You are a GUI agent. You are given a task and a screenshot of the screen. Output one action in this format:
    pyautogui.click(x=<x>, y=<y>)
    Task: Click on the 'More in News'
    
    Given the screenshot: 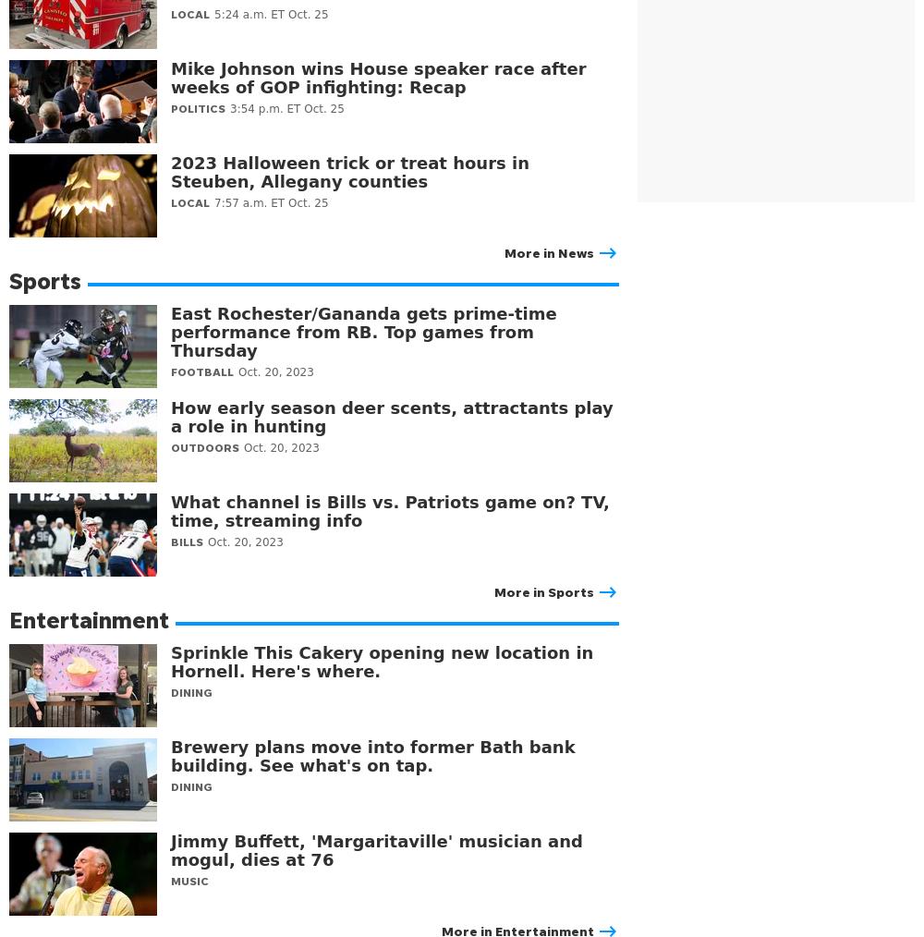 What is the action you would take?
    pyautogui.click(x=548, y=252)
    